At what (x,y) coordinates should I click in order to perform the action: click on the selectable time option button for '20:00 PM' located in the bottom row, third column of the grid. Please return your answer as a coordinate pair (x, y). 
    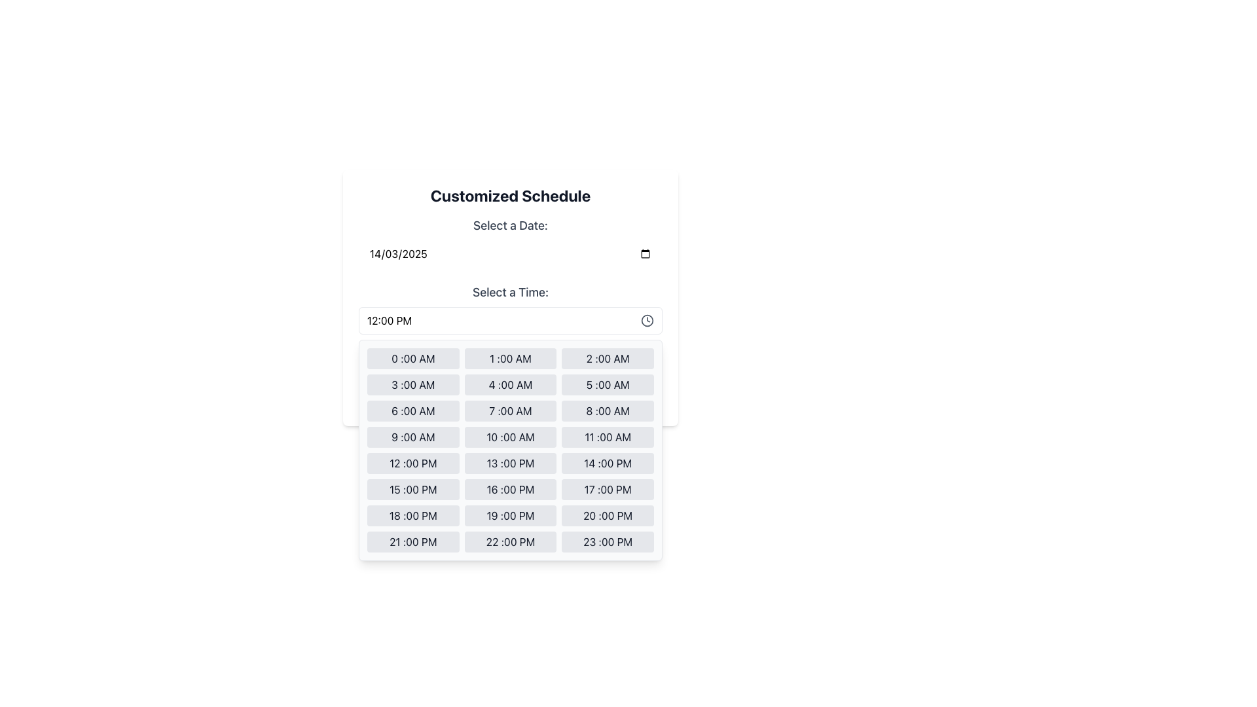
    Looking at the image, I should click on (607, 515).